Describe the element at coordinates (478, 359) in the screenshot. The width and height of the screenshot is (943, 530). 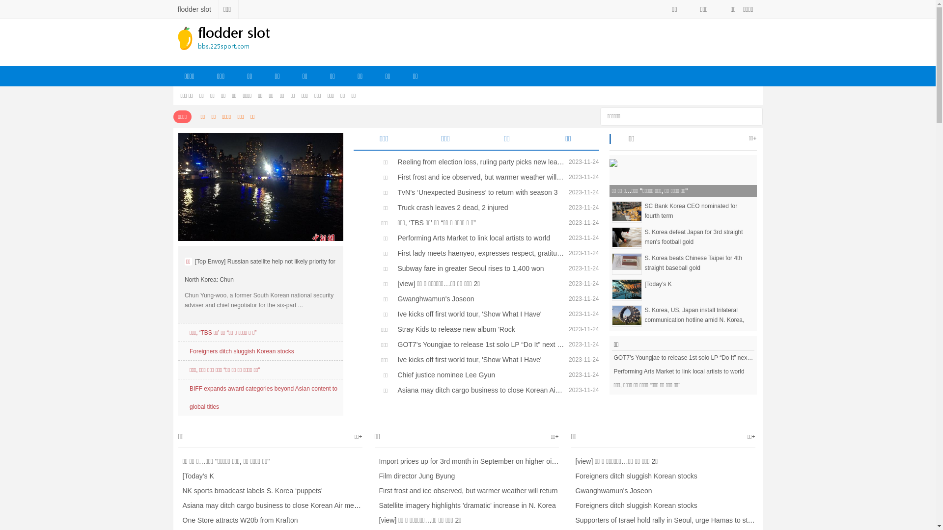
I see `'Ive kicks off first world tour, 'Show What I Have''` at that location.